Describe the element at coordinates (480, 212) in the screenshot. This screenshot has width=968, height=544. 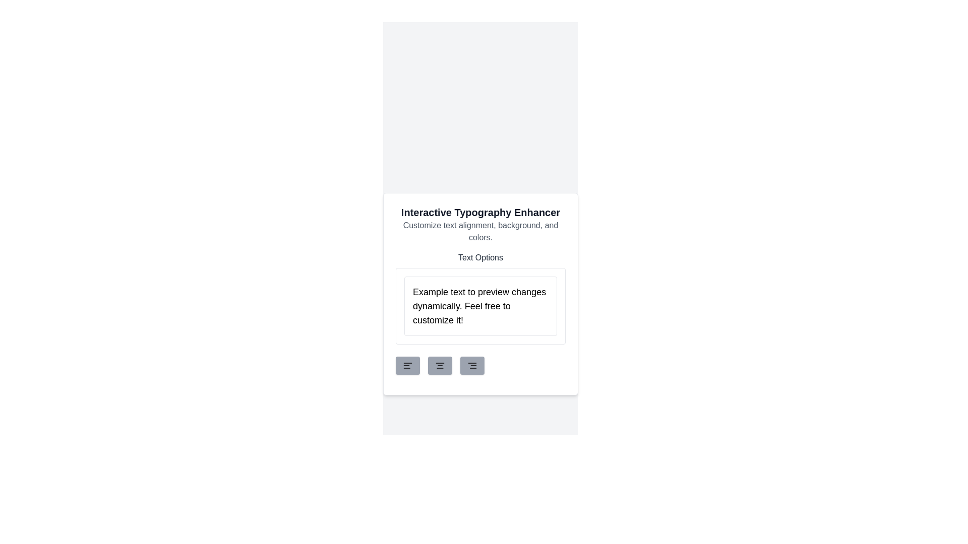
I see `the title or heading text element that acts as a primary description for the related section, positioned centrally towards the top of the interface` at that location.